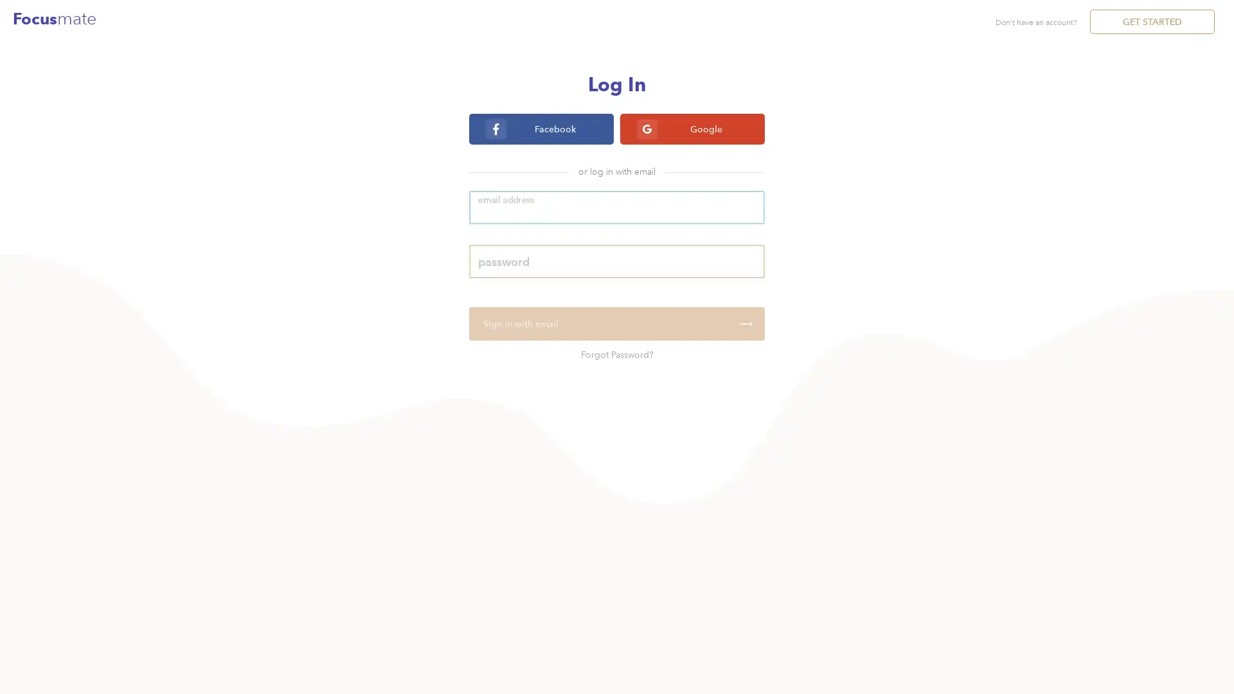 This screenshot has width=1234, height=694. I want to click on Sign in with email, so click(617, 323).